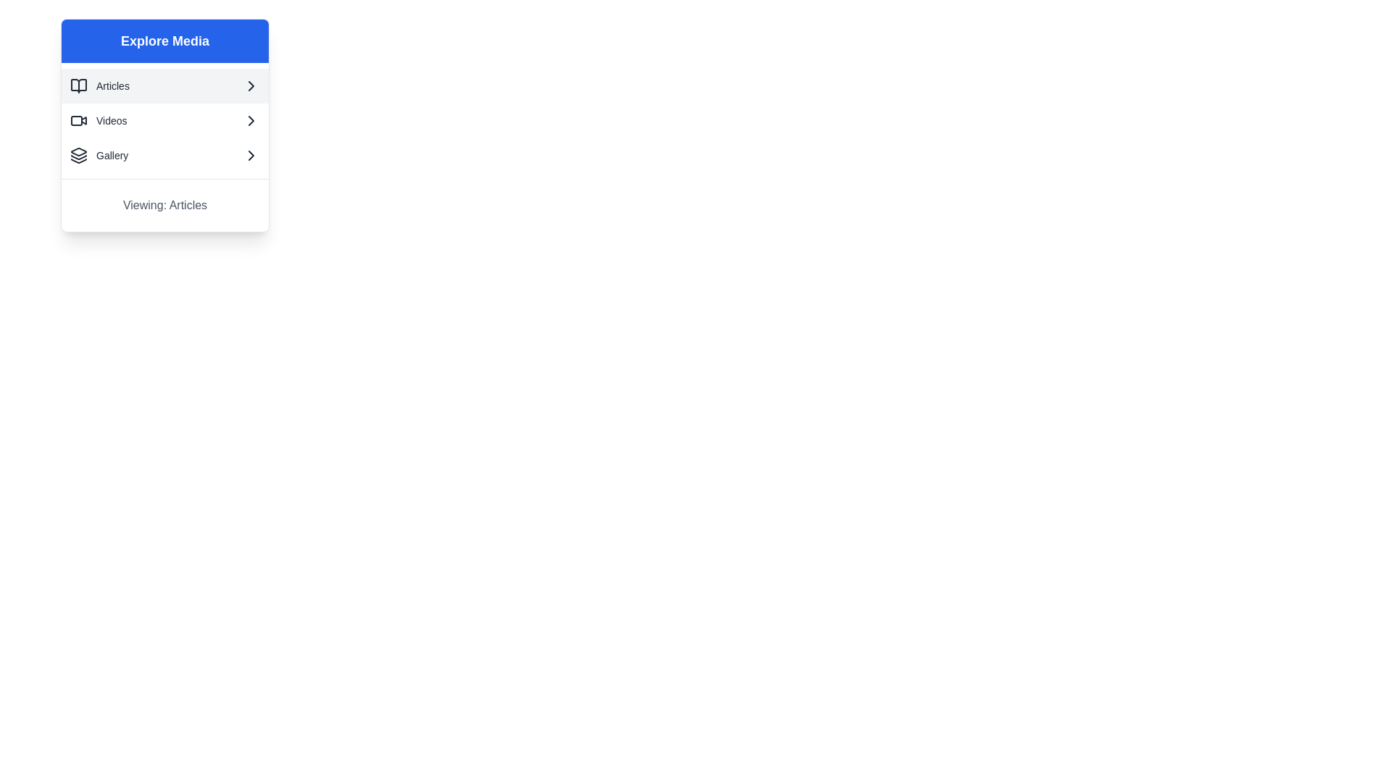 This screenshot has height=782, width=1391. Describe the element at coordinates (78, 156) in the screenshot. I see `the 'Gallery' menu item icon, which is the leftmost component of the vertically arranged list in the sidebar interface` at that location.